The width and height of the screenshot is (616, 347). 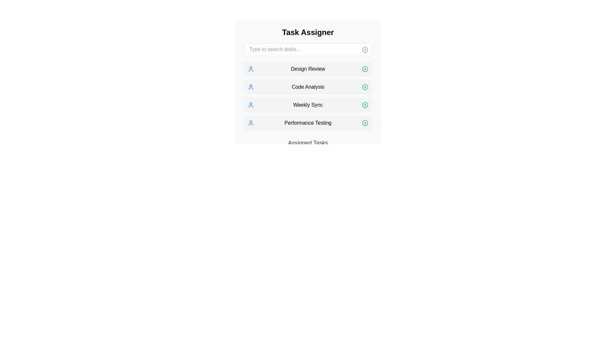 I want to click on the text label for 'Code Analysis', which is the second entry in the 'Task Assigner' list, positioned between 'Design Review' and 'Weekly Sync', so click(x=308, y=87).